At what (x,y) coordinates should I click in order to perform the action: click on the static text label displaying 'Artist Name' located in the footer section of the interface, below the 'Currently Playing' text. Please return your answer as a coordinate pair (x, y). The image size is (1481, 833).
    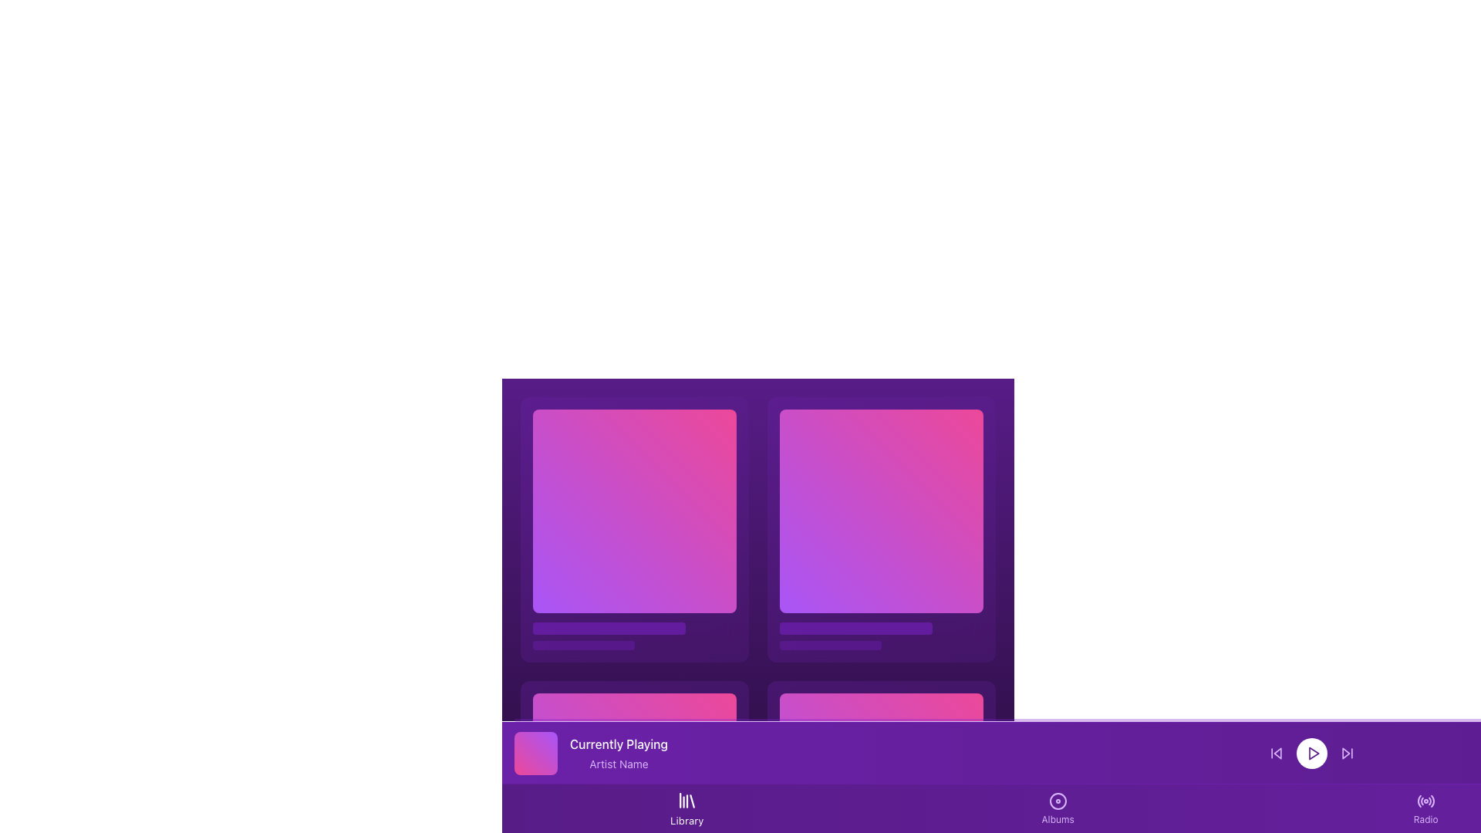
    Looking at the image, I should click on (619, 764).